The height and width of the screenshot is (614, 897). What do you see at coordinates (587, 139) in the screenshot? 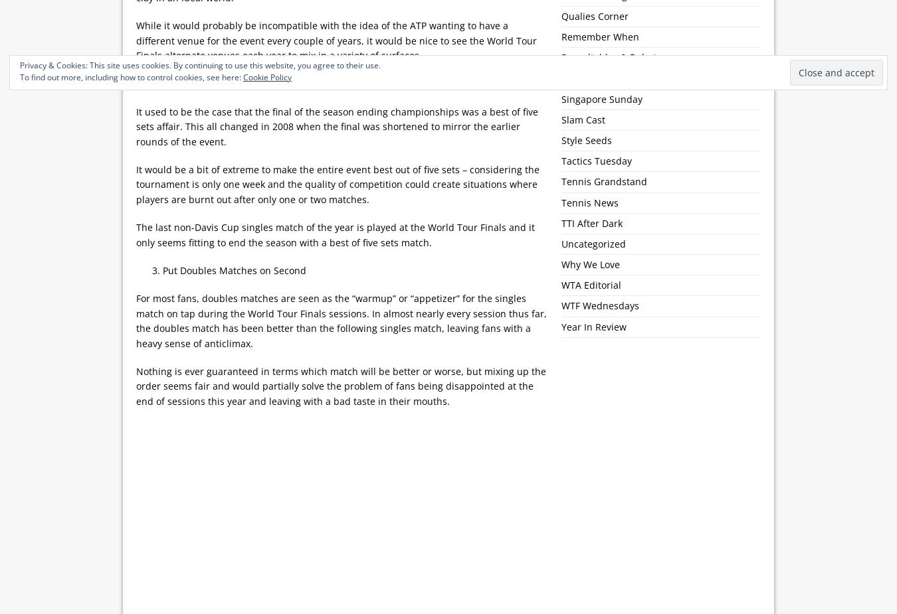
I see `'Style Seeds'` at bounding box center [587, 139].